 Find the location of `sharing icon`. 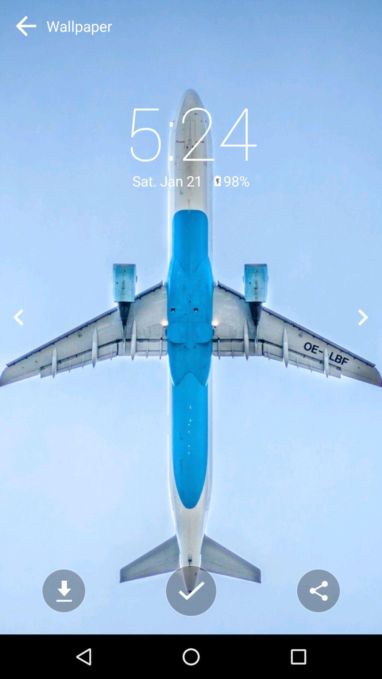

sharing icon is located at coordinates (318, 591).